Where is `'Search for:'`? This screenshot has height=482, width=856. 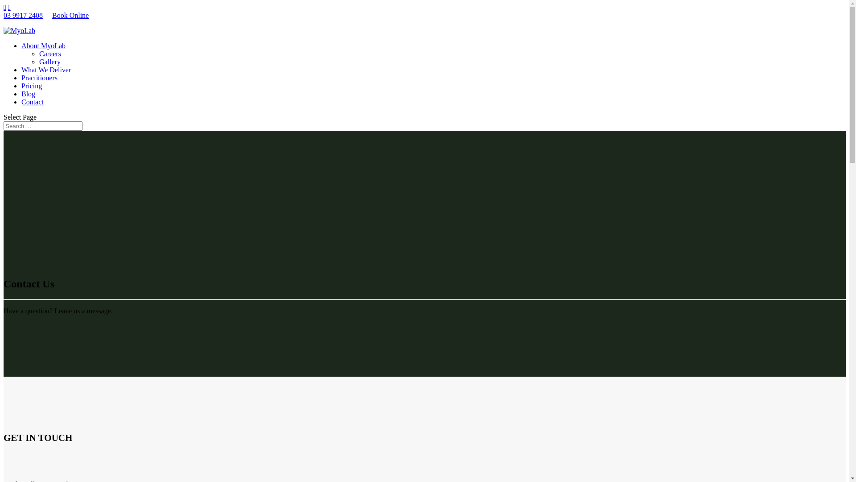
'Search for:' is located at coordinates (42, 126).